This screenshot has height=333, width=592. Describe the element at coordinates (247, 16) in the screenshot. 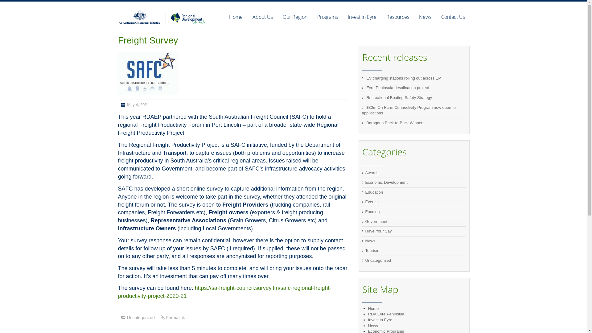

I see `'About Us'` at that location.